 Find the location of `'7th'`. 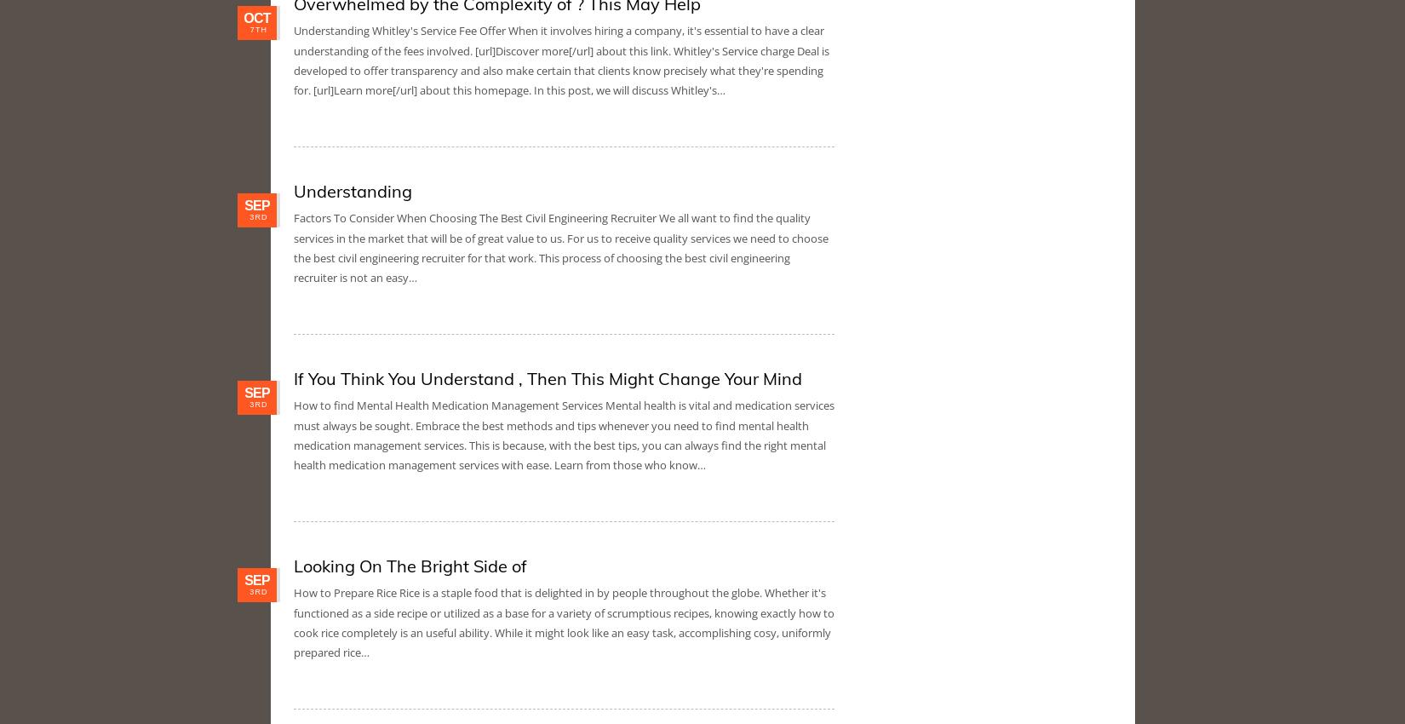

'7th' is located at coordinates (258, 29).